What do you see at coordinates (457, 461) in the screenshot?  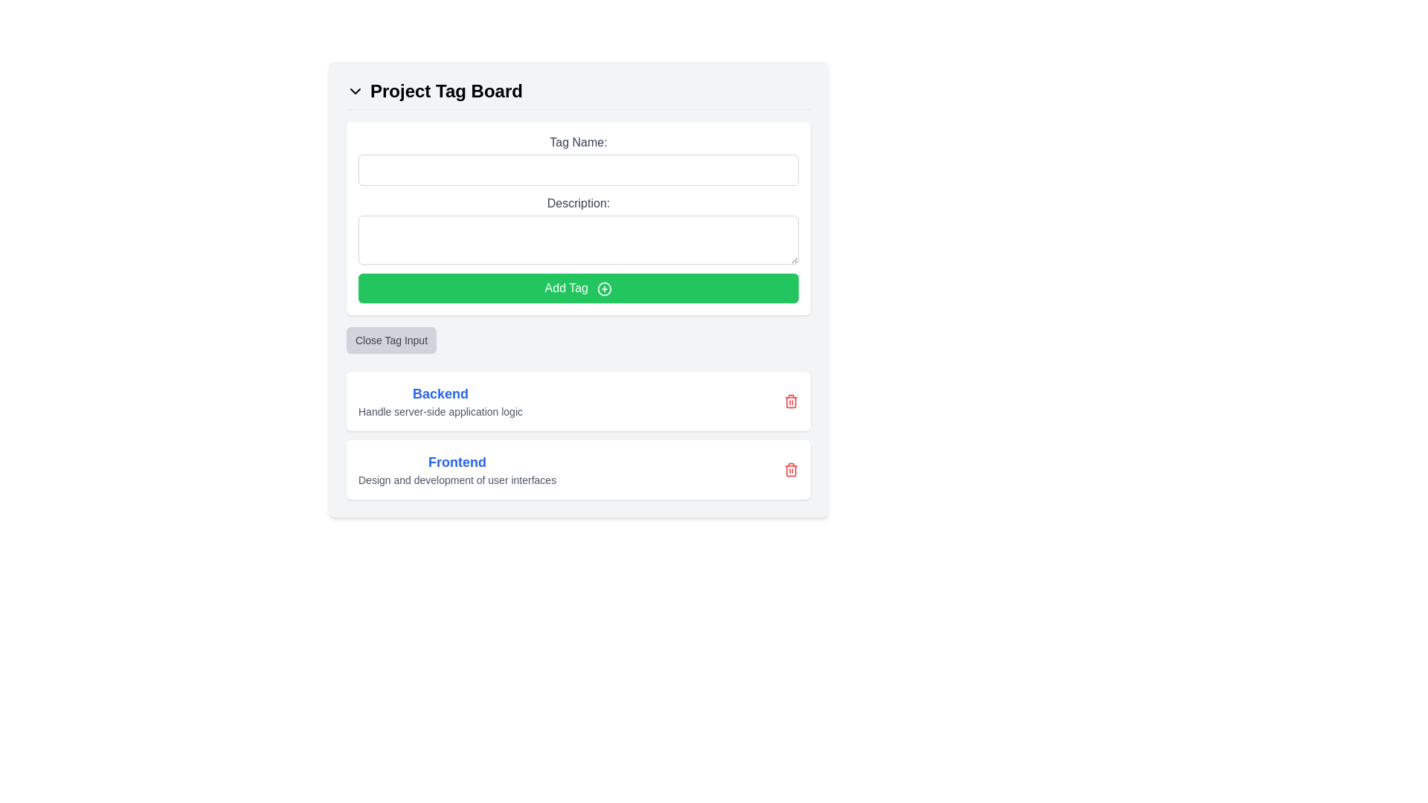 I see `the 'Frontend' header text element, which is styled in bold blue font and located above the description text for frontend tasks` at bounding box center [457, 461].